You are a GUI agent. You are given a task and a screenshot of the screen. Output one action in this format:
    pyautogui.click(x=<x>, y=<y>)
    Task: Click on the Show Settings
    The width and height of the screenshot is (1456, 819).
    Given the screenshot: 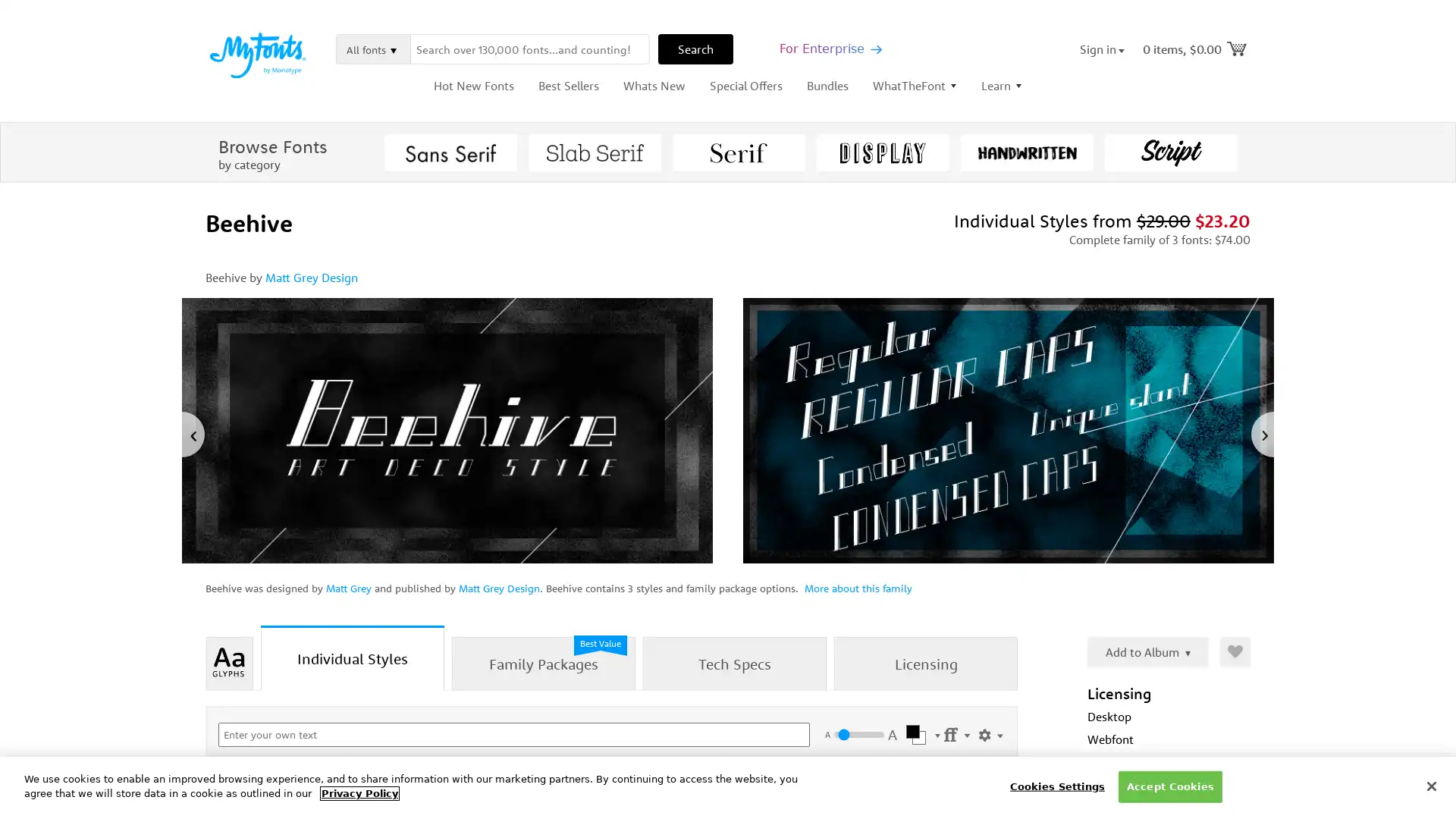 What is the action you would take?
    pyautogui.click(x=990, y=733)
    